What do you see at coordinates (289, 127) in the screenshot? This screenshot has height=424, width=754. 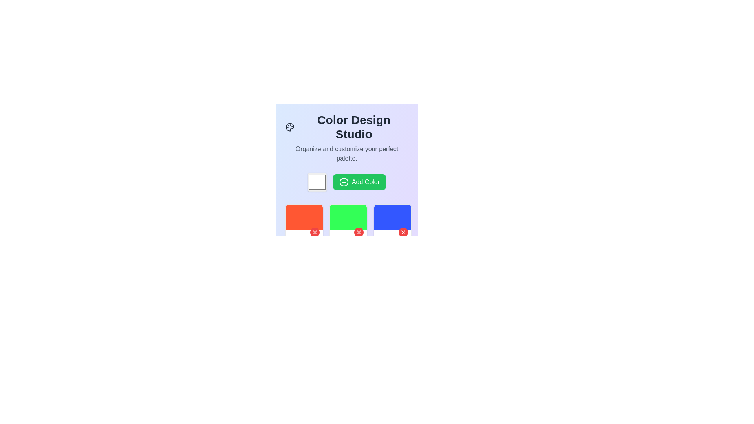 I see `the compact palette icon located to the left of the 'Color Design Studio' title to interact with its associated functionality` at bounding box center [289, 127].